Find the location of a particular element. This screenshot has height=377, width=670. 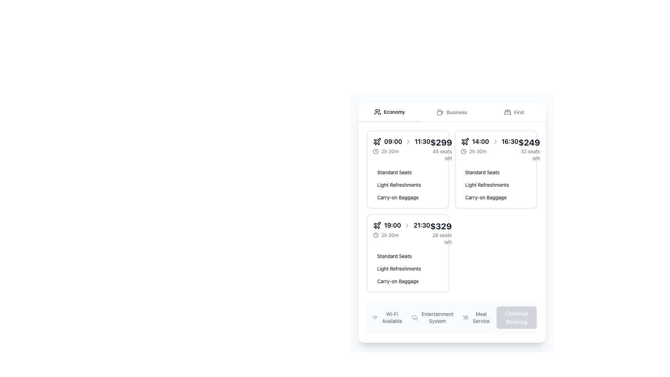

the flight duration text label located in the central information card, which is positioned in the second column below the departure and arrival times and next to the clock icon is located at coordinates (477, 151).